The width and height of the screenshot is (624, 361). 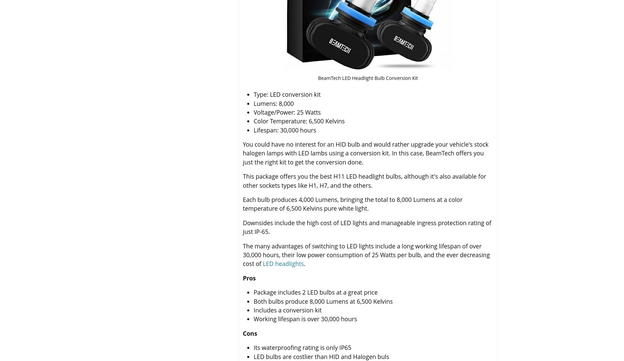 I want to click on 'Type: LED conversion kit', so click(x=287, y=94).